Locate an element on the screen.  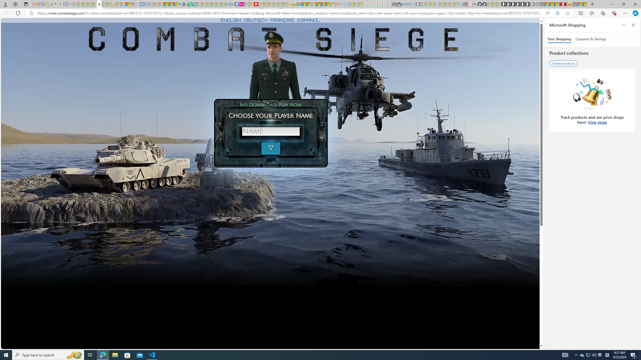
'Latest Politics News & Archive | Newsweek.com' is located at coordinates (256, 4).